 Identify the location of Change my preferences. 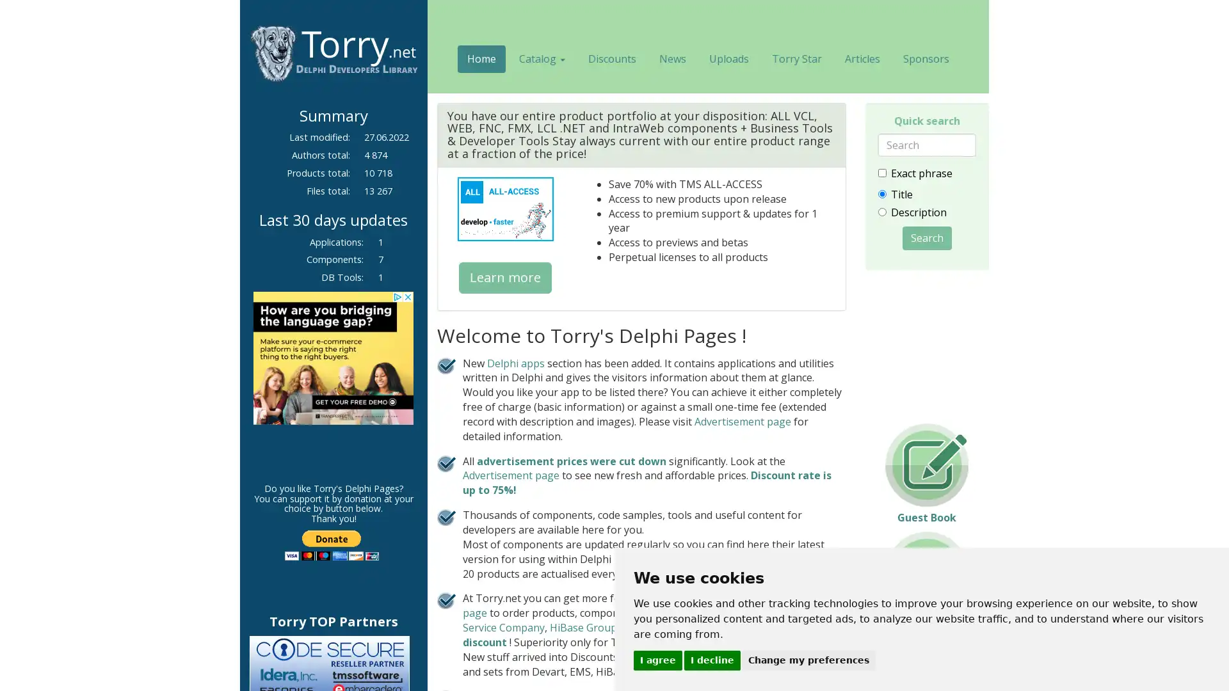
(808, 660).